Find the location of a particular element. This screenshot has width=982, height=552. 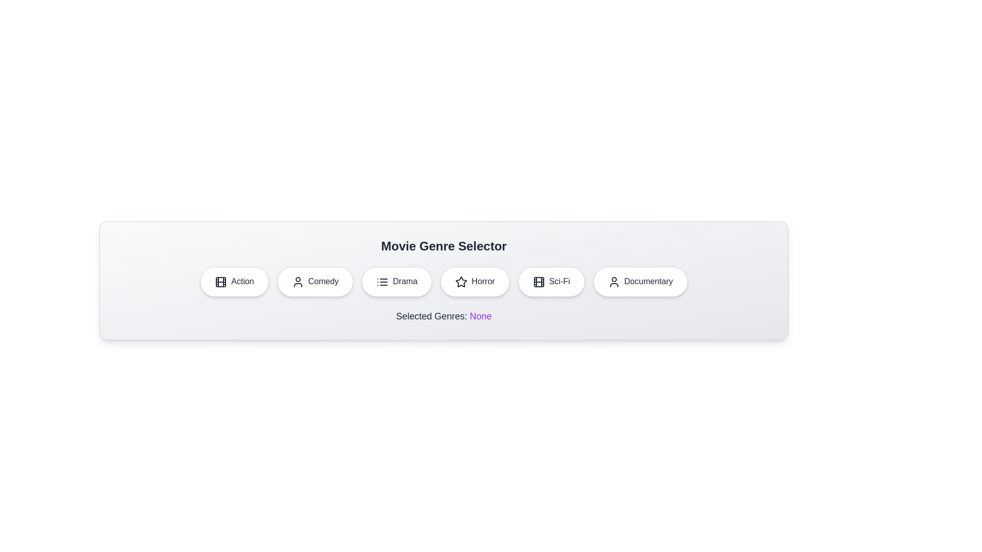

the decorative icon representing the 'Drama' genre, which is the third button from the left in a horizontal layout of six genre buttons is located at coordinates (382, 282).